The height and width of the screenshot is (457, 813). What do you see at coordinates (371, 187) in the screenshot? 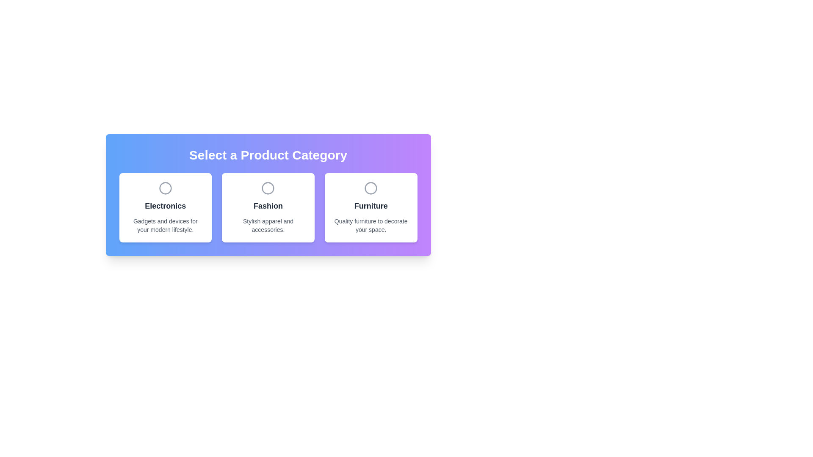
I see `the Circle indicator with a gray border located in the Furniture card below the text label` at bounding box center [371, 187].